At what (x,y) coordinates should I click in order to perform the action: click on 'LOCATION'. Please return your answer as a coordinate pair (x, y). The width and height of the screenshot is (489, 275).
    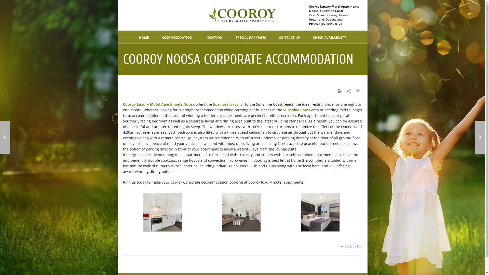
    Looking at the image, I should click on (214, 37).